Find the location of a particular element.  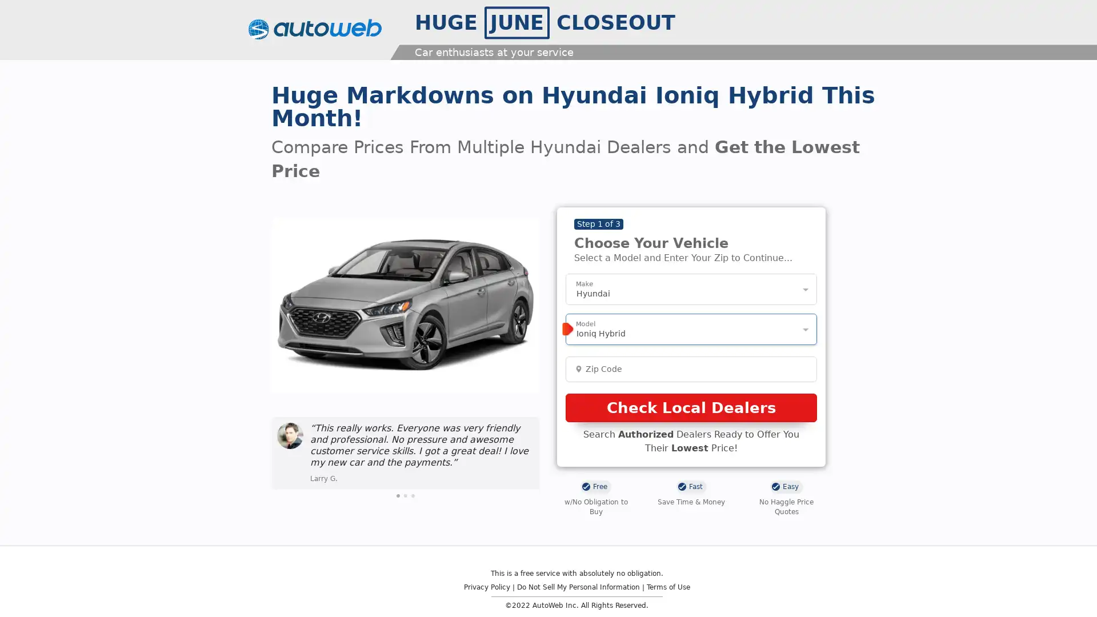

Open accessibility options, statement and help is located at coordinates (24, 592).